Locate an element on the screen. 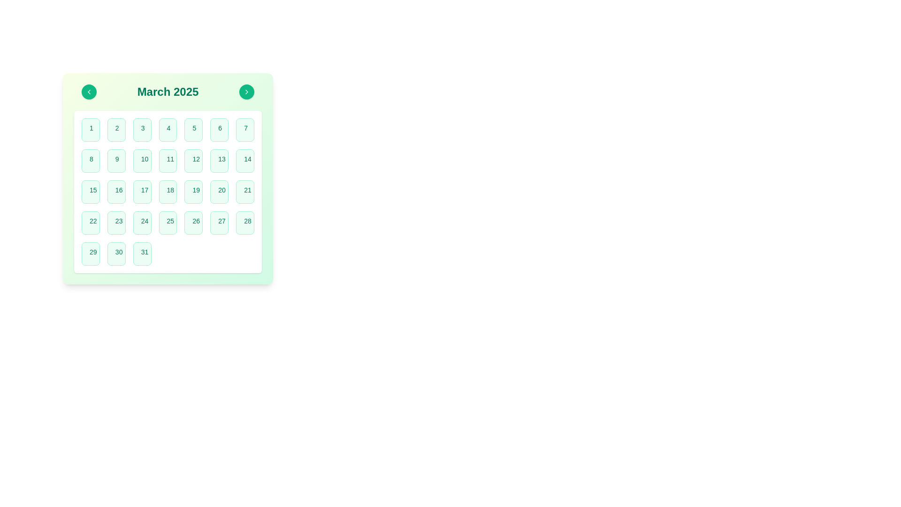 The width and height of the screenshot is (901, 507). the small, green-colored text displaying the number '6' in the calendar date box for March 2025 is located at coordinates (220, 128).